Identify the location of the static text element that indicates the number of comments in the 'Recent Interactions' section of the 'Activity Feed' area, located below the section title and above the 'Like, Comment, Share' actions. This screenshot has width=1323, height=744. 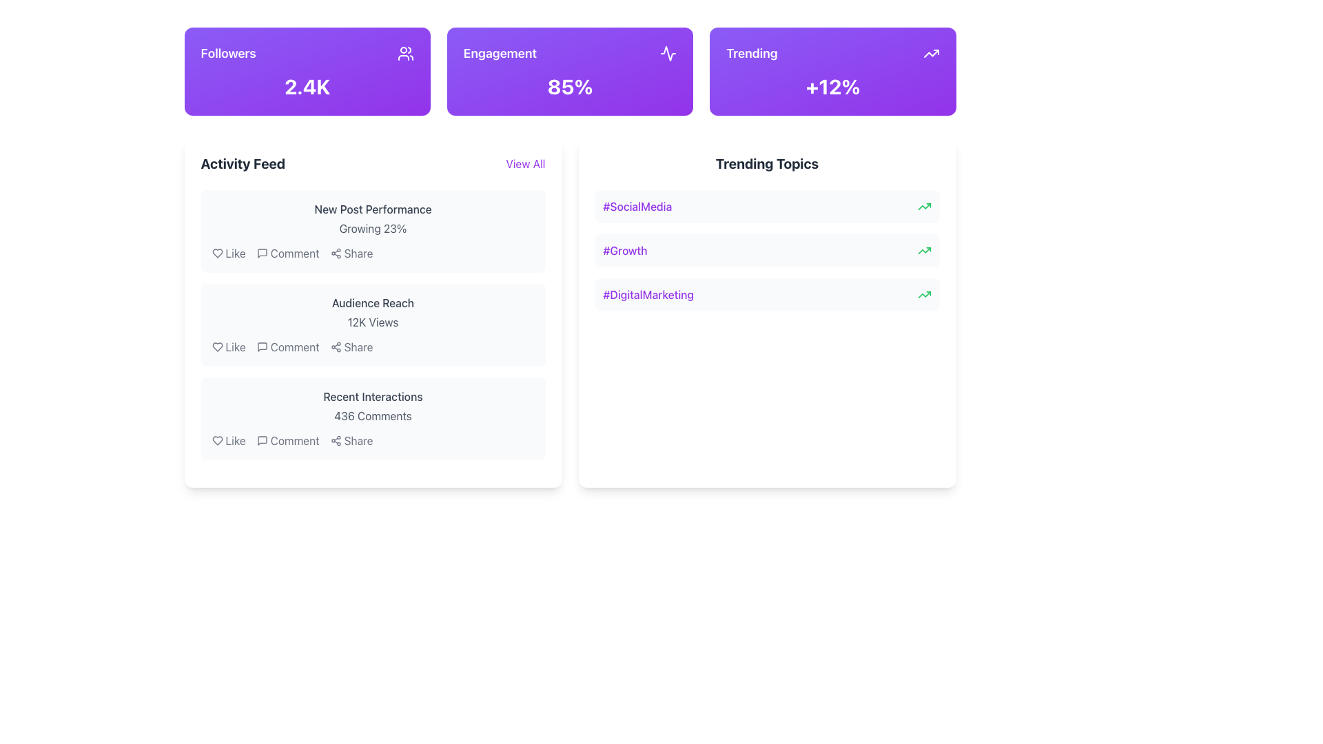
(373, 415).